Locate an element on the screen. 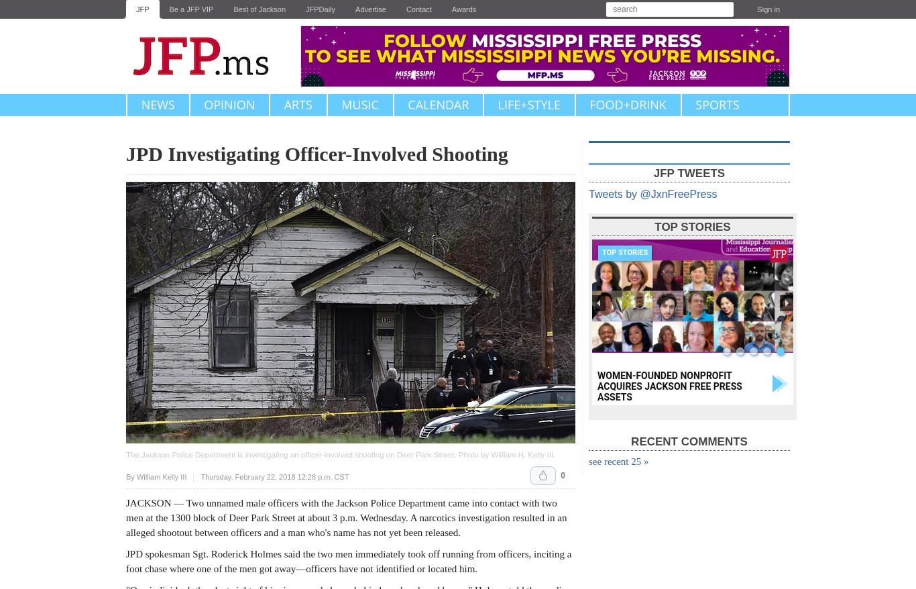 The image size is (916, 589). 'JFP' is located at coordinates (141, 8).